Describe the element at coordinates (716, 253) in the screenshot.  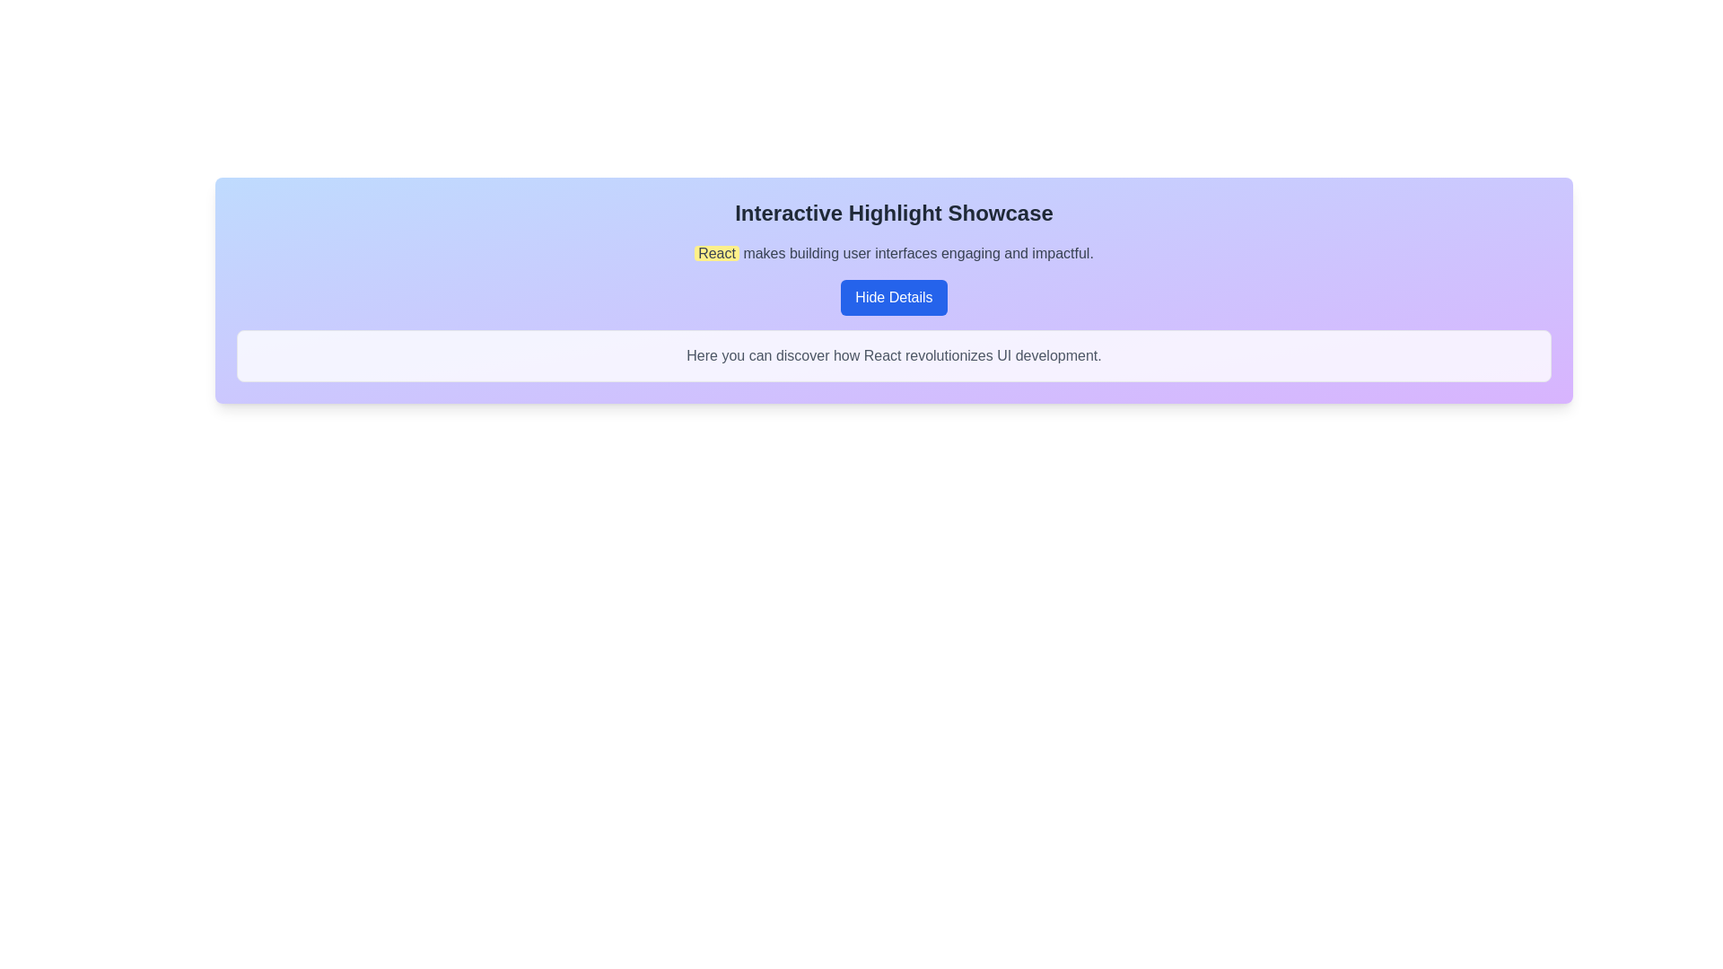
I see `the small rectangular label with a yellow background that contains the text 'React', which is positioned at the beginning of the sentence 'React makes building user interfaces engaging and impactful.'` at that location.